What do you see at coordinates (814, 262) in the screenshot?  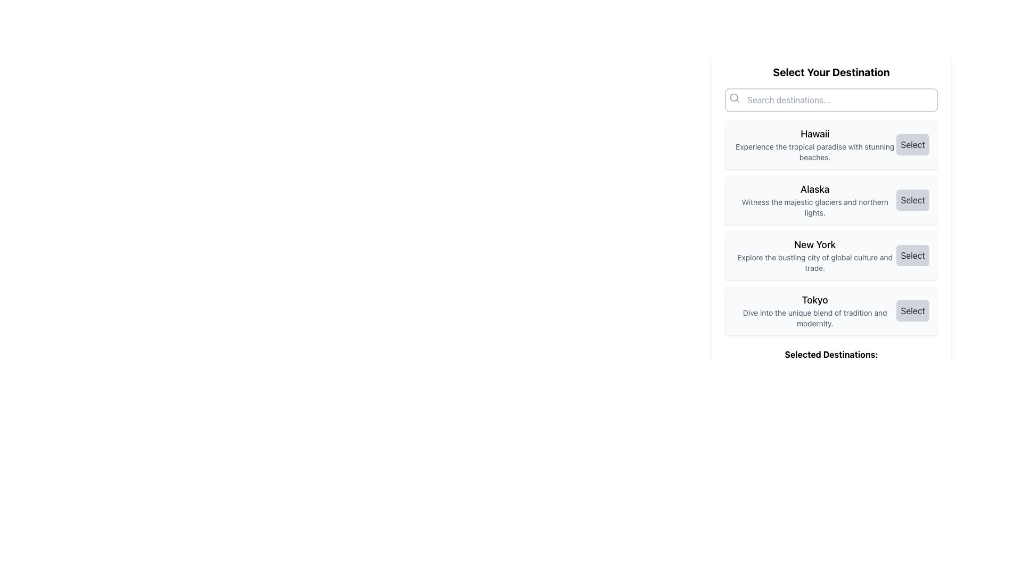 I see `the descriptive text element for New York, which is located below the 'New York' title in the destination list` at bounding box center [814, 262].